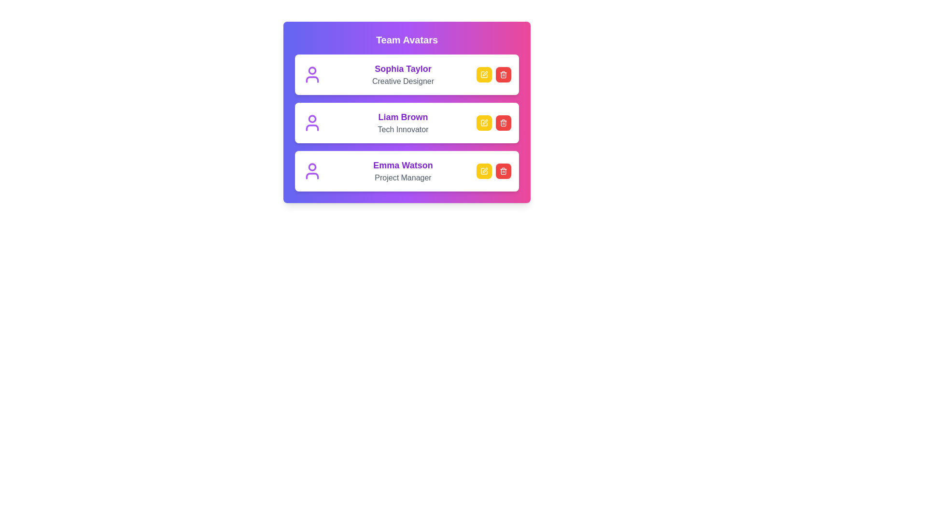 This screenshot has width=927, height=521. Describe the element at coordinates (503, 122) in the screenshot. I see `the red delete button on the right side of the second row in the user profiles list` at that location.